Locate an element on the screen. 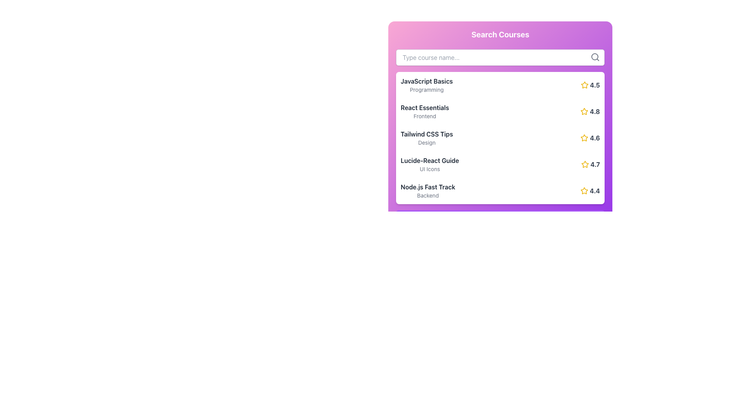  the descriptive text label that provides additional information about the 'Lucide-React Guide' course, located directly underneath the title in the course options list is located at coordinates (429, 169).